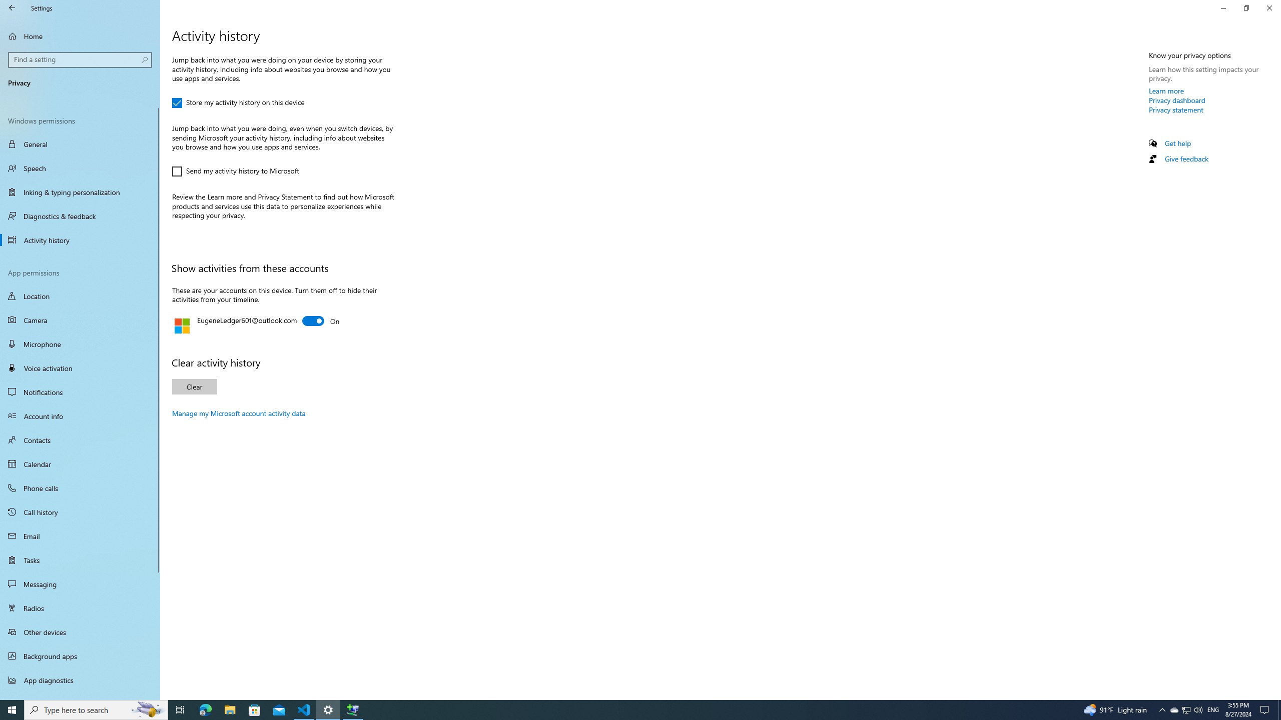 The height and width of the screenshot is (720, 1281). What do you see at coordinates (80, 168) in the screenshot?
I see `'Speech'` at bounding box center [80, 168].